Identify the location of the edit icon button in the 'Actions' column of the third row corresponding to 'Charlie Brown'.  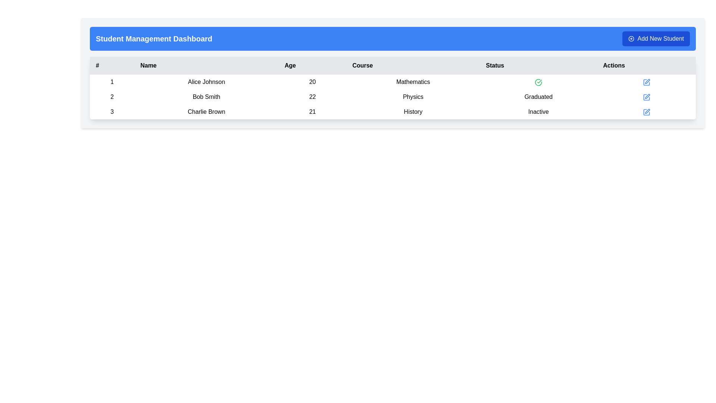
(646, 112).